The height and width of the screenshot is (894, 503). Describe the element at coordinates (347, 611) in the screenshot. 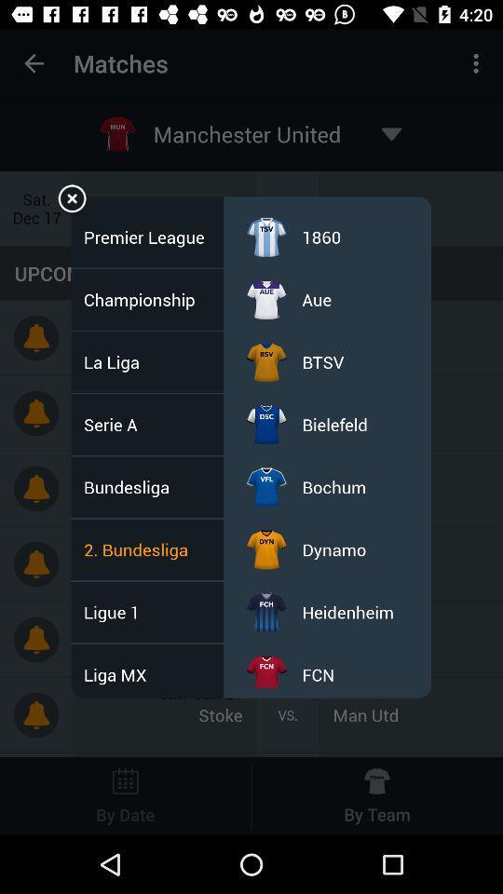

I see `the icon above fcn item` at that location.